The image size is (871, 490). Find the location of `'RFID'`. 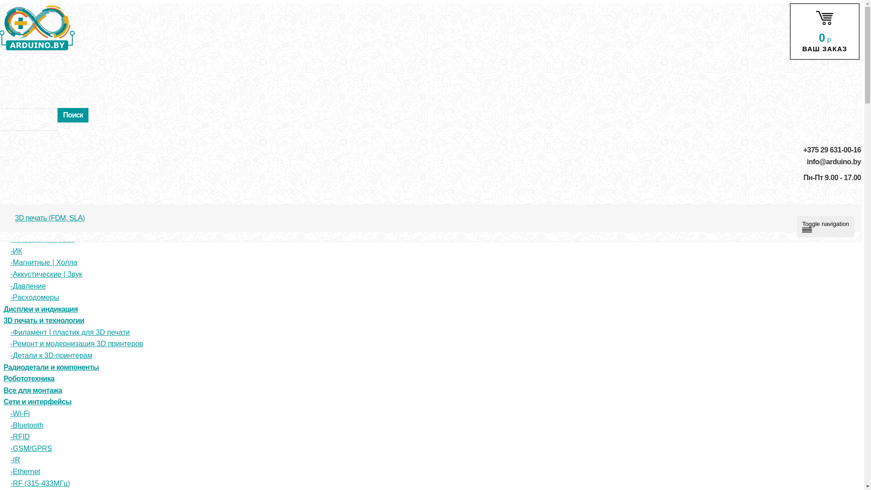

'RFID' is located at coordinates (20, 436).